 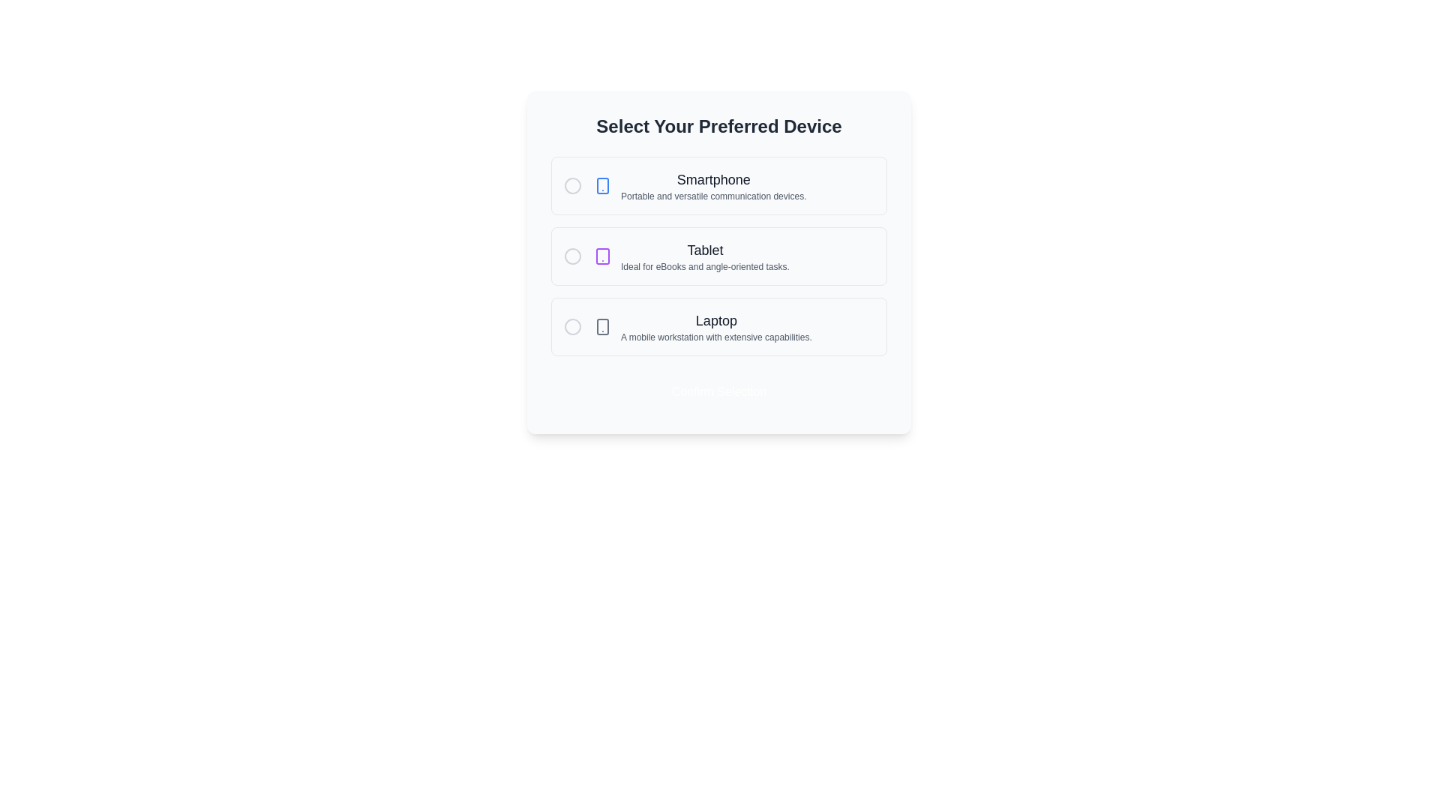 I want to click on the central graphical element representing the smartphone body within the SVG icon, which is located to the left of the 'Smartphone' label in the selection list, so click(x=603, y=184).